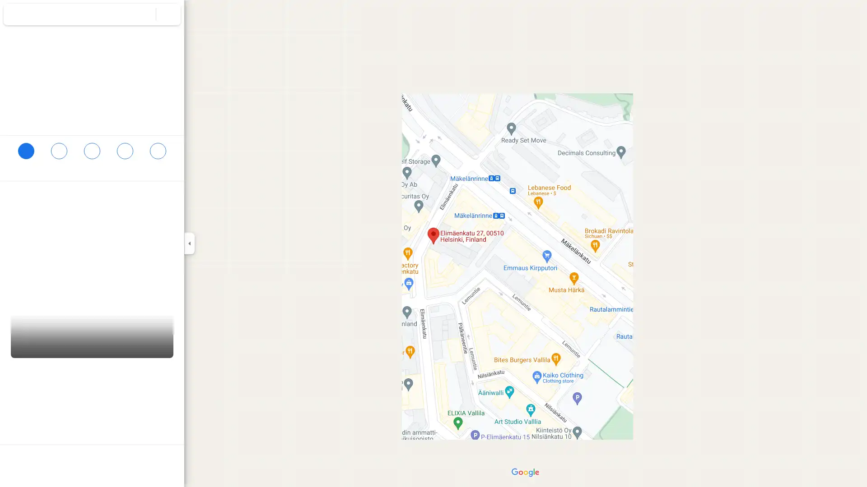  What do you see at coordinates (189, 243) in the screenshot?
I see `Collapse side panel` at bounding box center [189, 243].